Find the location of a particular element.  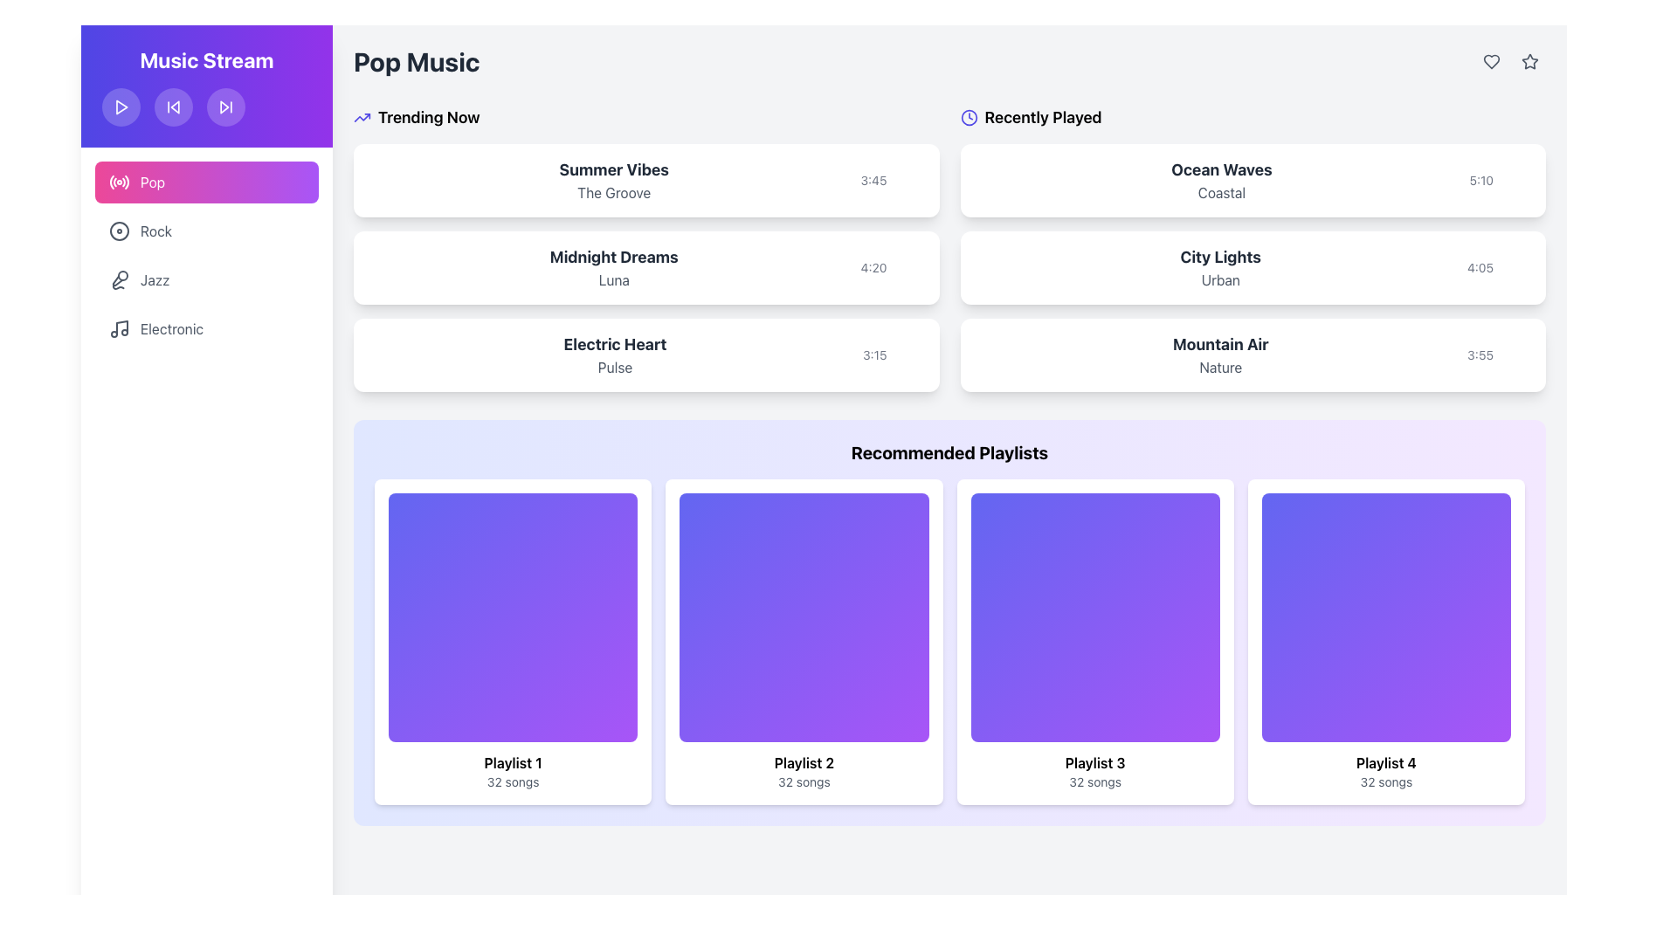

the text label UI component displaying 'Recently Played', which is styled as a bold heading and positioned to the right of a clock icon in the top-right section of the interface is located at coordinates (1043, 118).